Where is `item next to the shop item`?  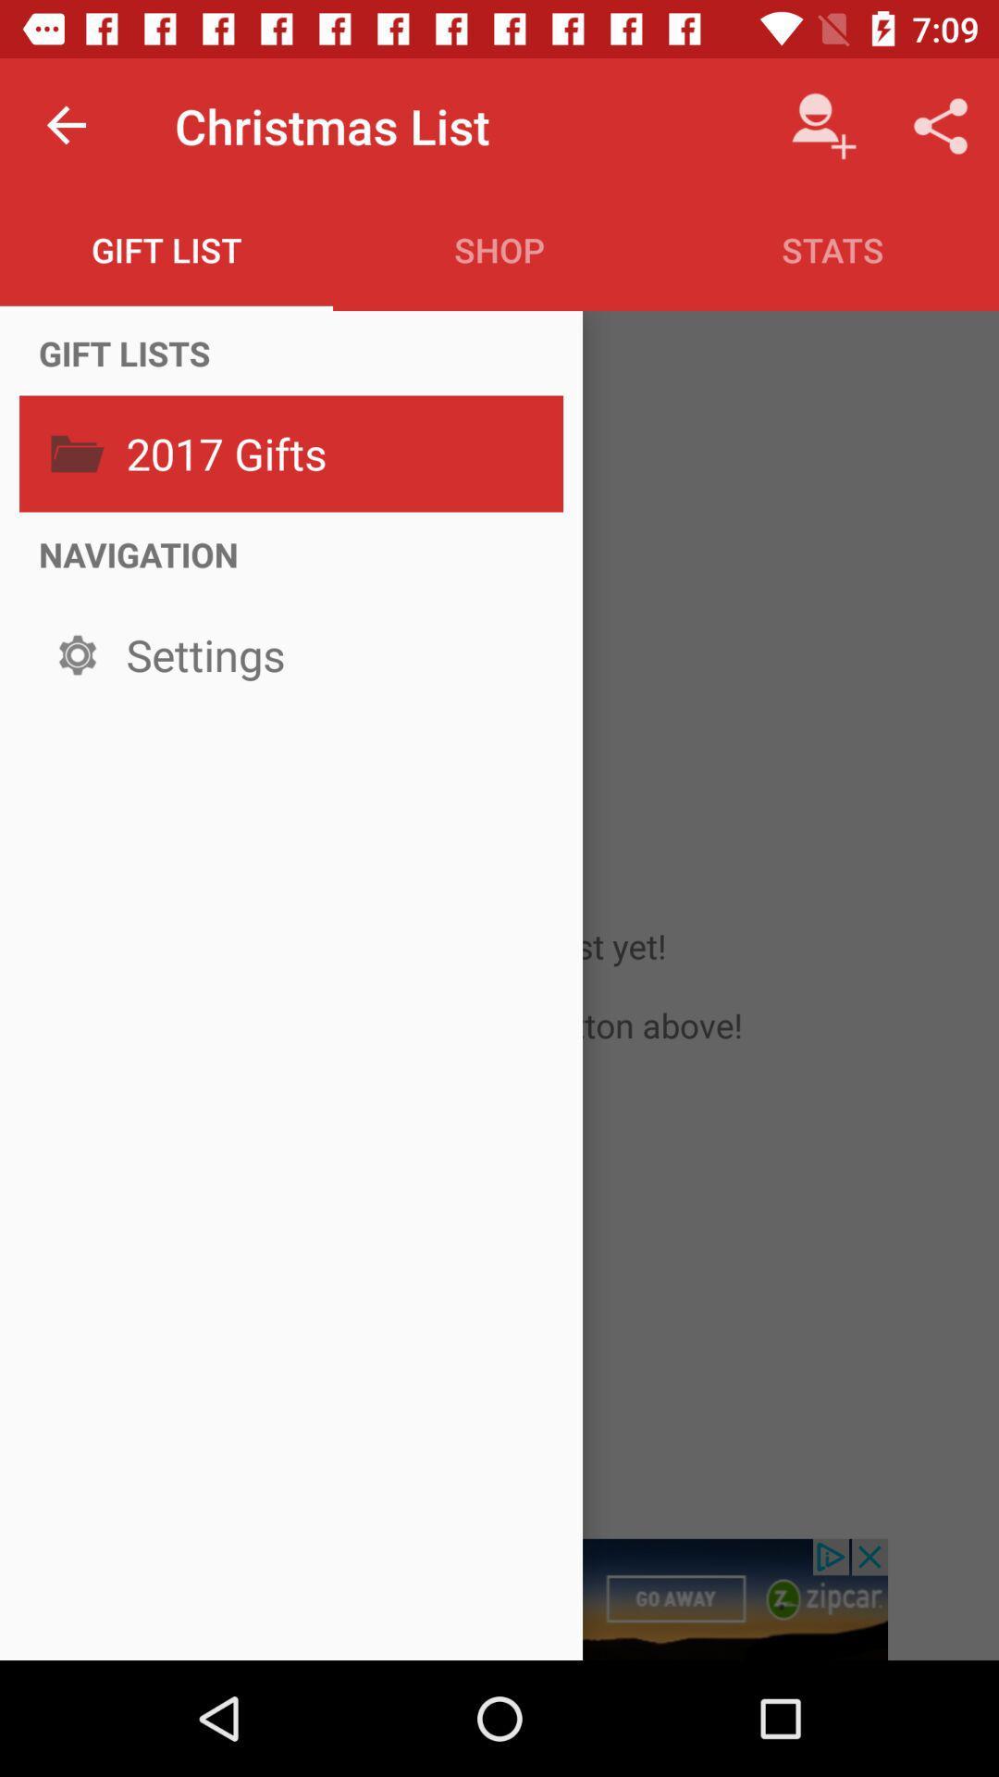
item next to the shop item is located at coordinates (823, 125).